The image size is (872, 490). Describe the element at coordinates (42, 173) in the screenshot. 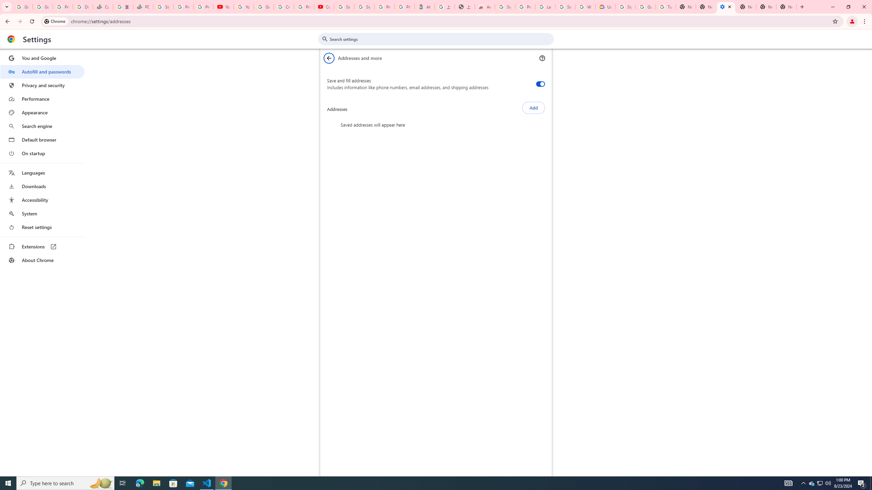

I see `'Languages'` at that location.